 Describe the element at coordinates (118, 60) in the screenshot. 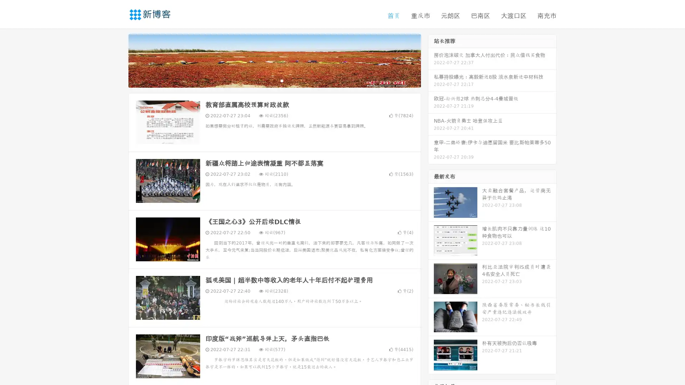

I see `Previous slide` at that location.